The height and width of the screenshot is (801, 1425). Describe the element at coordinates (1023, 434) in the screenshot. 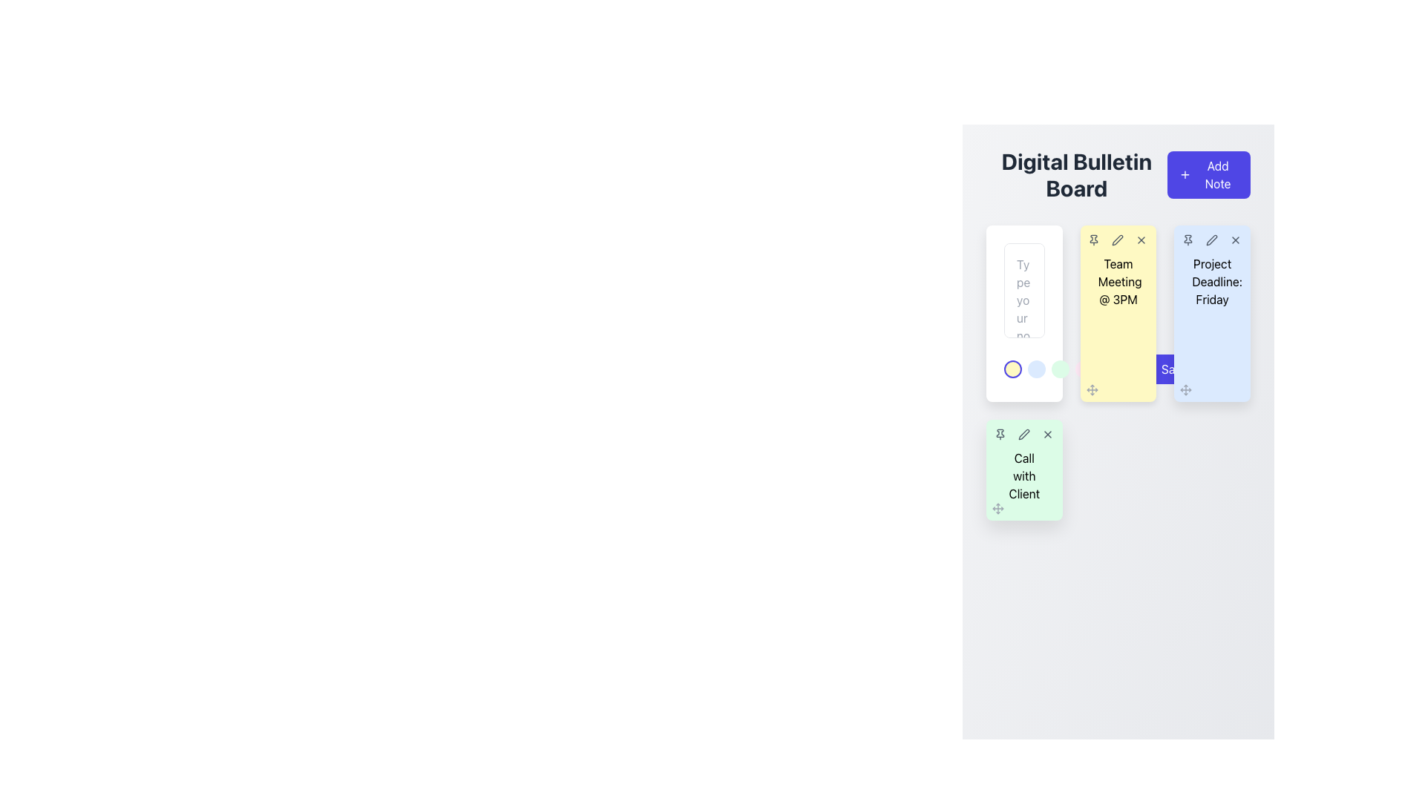

I see `the edit button located at the top-right corner of the 'Call with Client' card` at that location.